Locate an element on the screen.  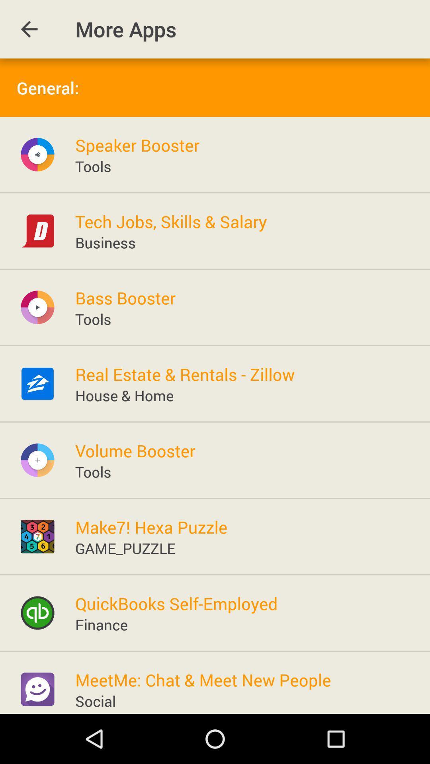
icon below tech jobs skills is located at coordinates (105, 242).